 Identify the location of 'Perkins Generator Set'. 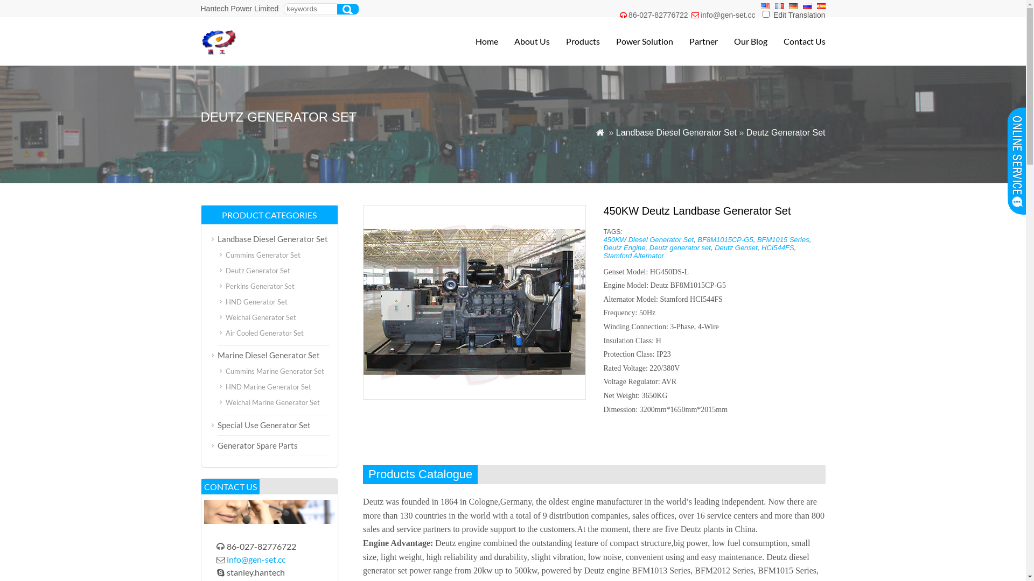
(259, 286).